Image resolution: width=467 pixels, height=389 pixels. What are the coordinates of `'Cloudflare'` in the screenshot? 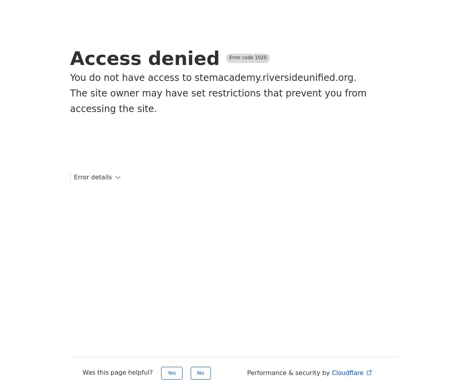 It's located at (348, 372).